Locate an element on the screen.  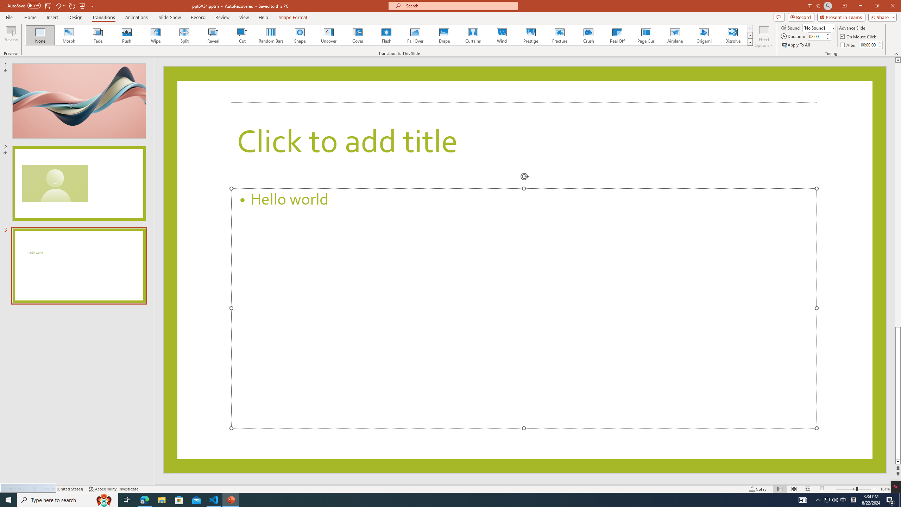
'Origami' is located at coordinates (703, 35).